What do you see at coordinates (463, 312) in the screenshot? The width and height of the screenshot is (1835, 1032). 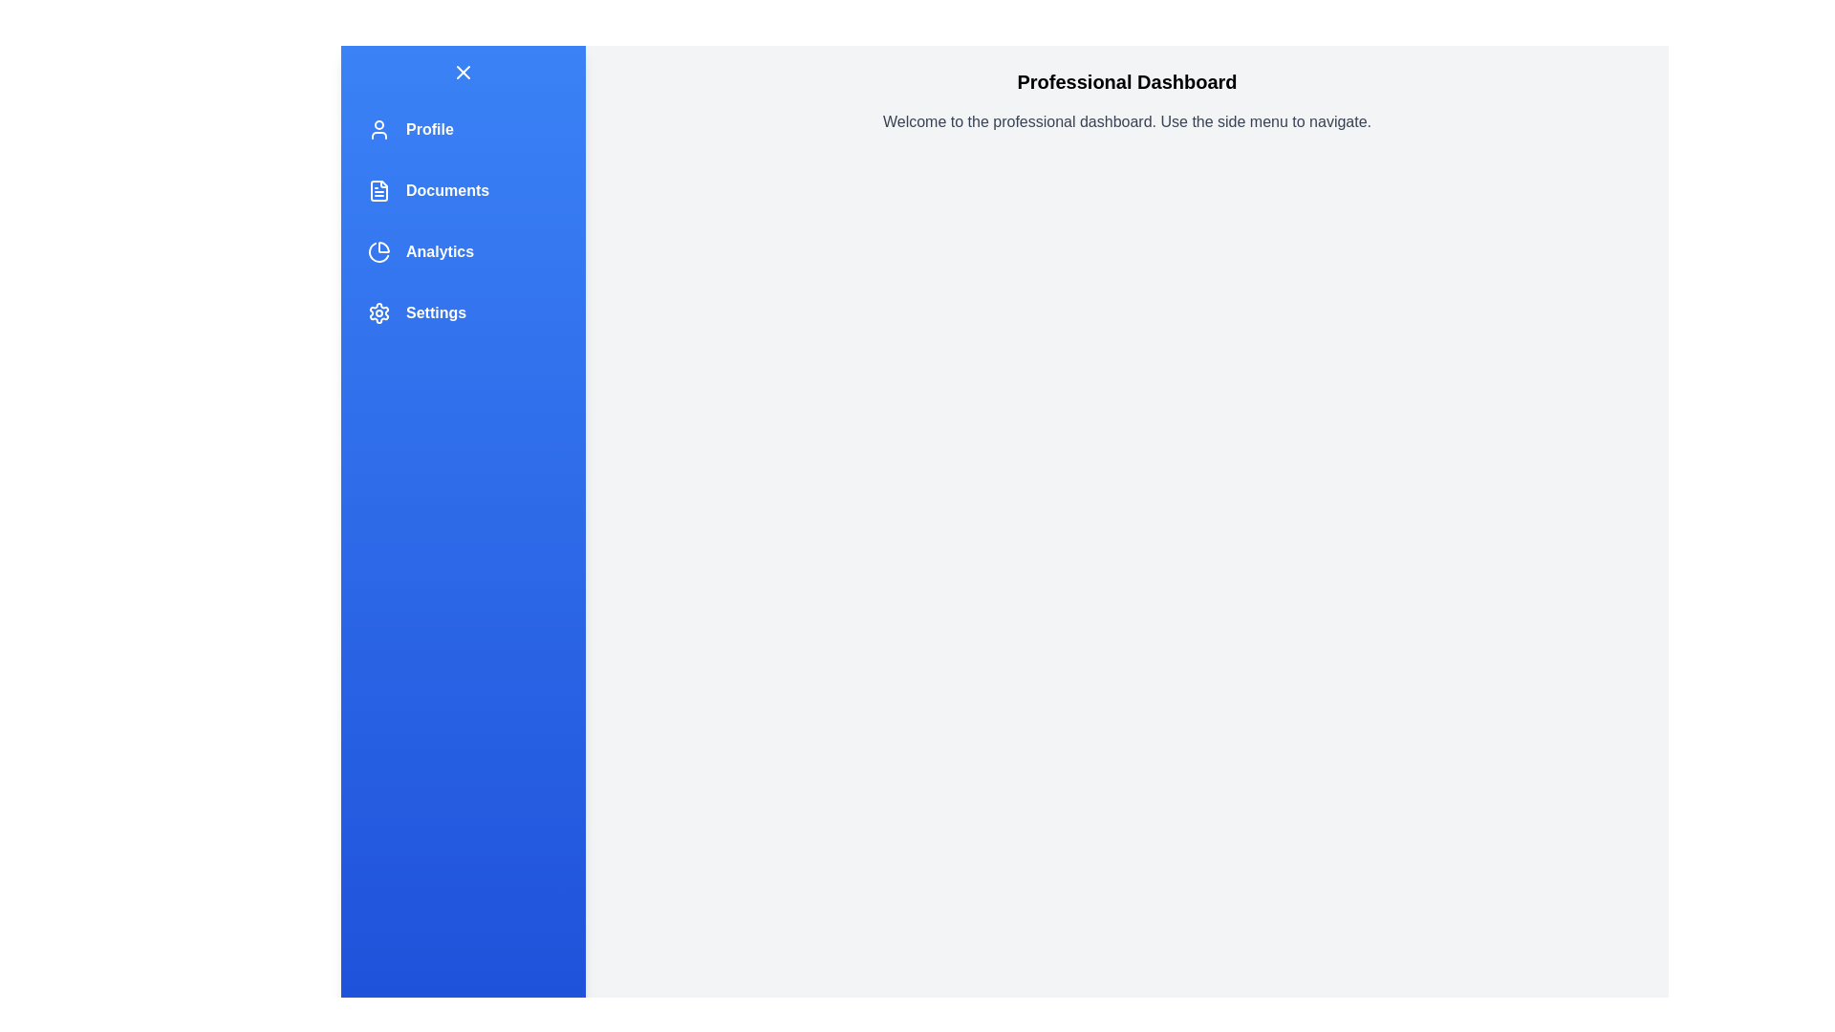 I see `the menu option Settings to navigate to the corresponding section` at bounding box center [463, 312].